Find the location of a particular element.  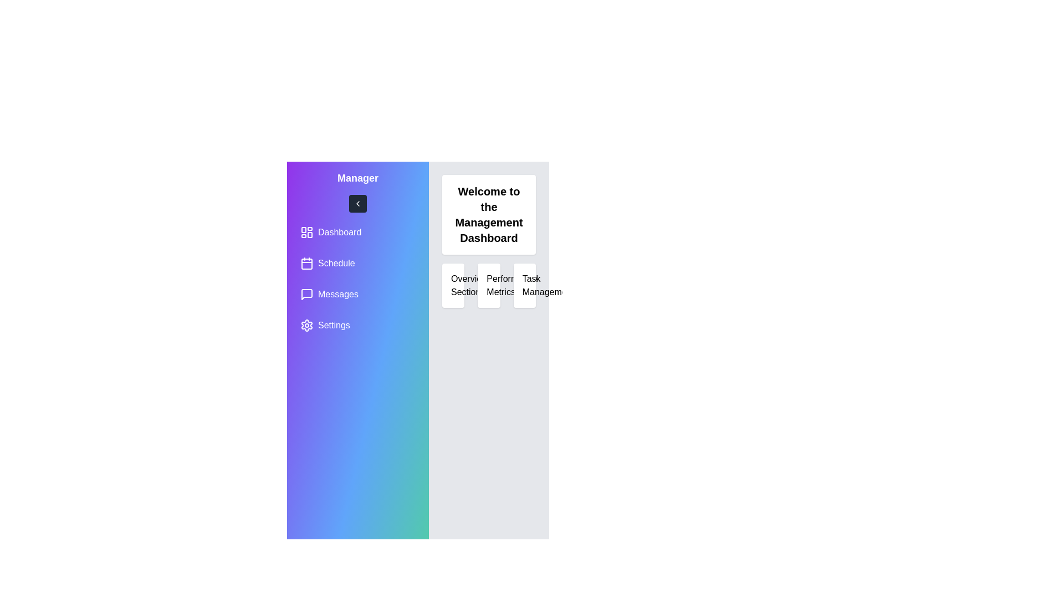

the purple rounded rectangle of the calendar icon located in the sidebar navigation menu under the 'Schedule' label is located at coordinates (306, 264).